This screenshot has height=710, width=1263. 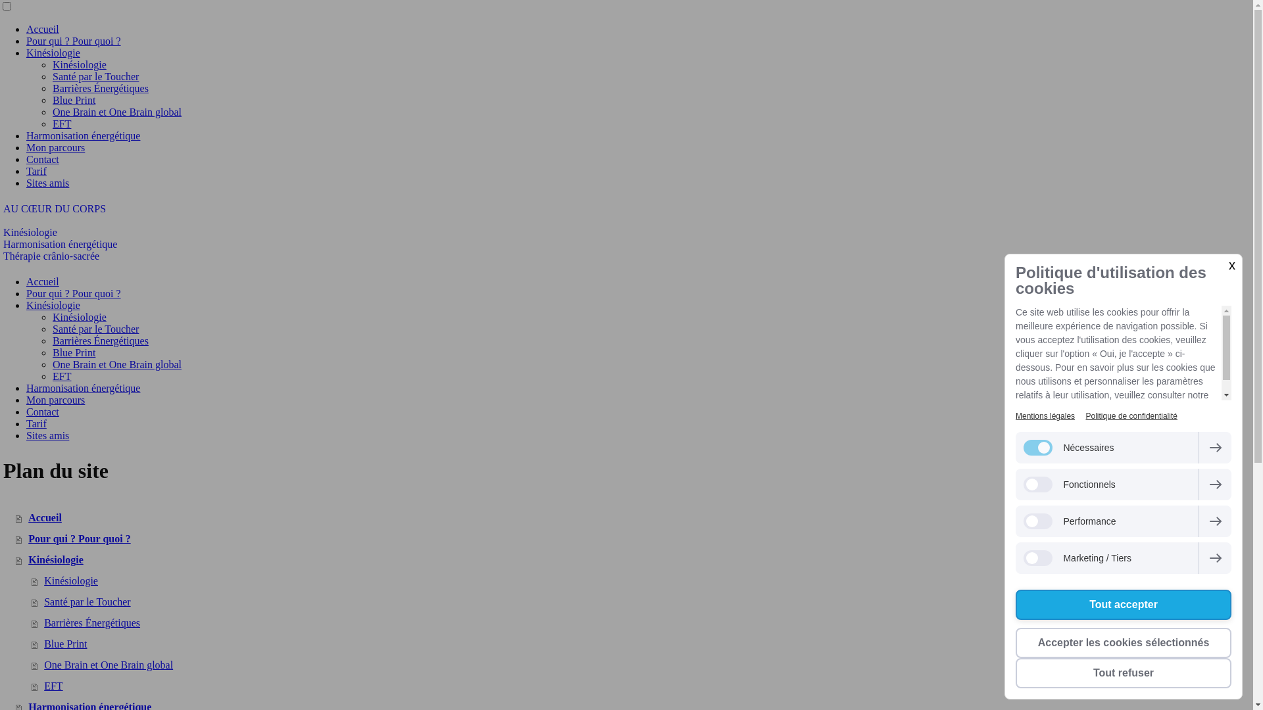 What do you see at coordinates (53, 124) in the screenshot?
I see `'EFT'` at bounding box center [53, 124].